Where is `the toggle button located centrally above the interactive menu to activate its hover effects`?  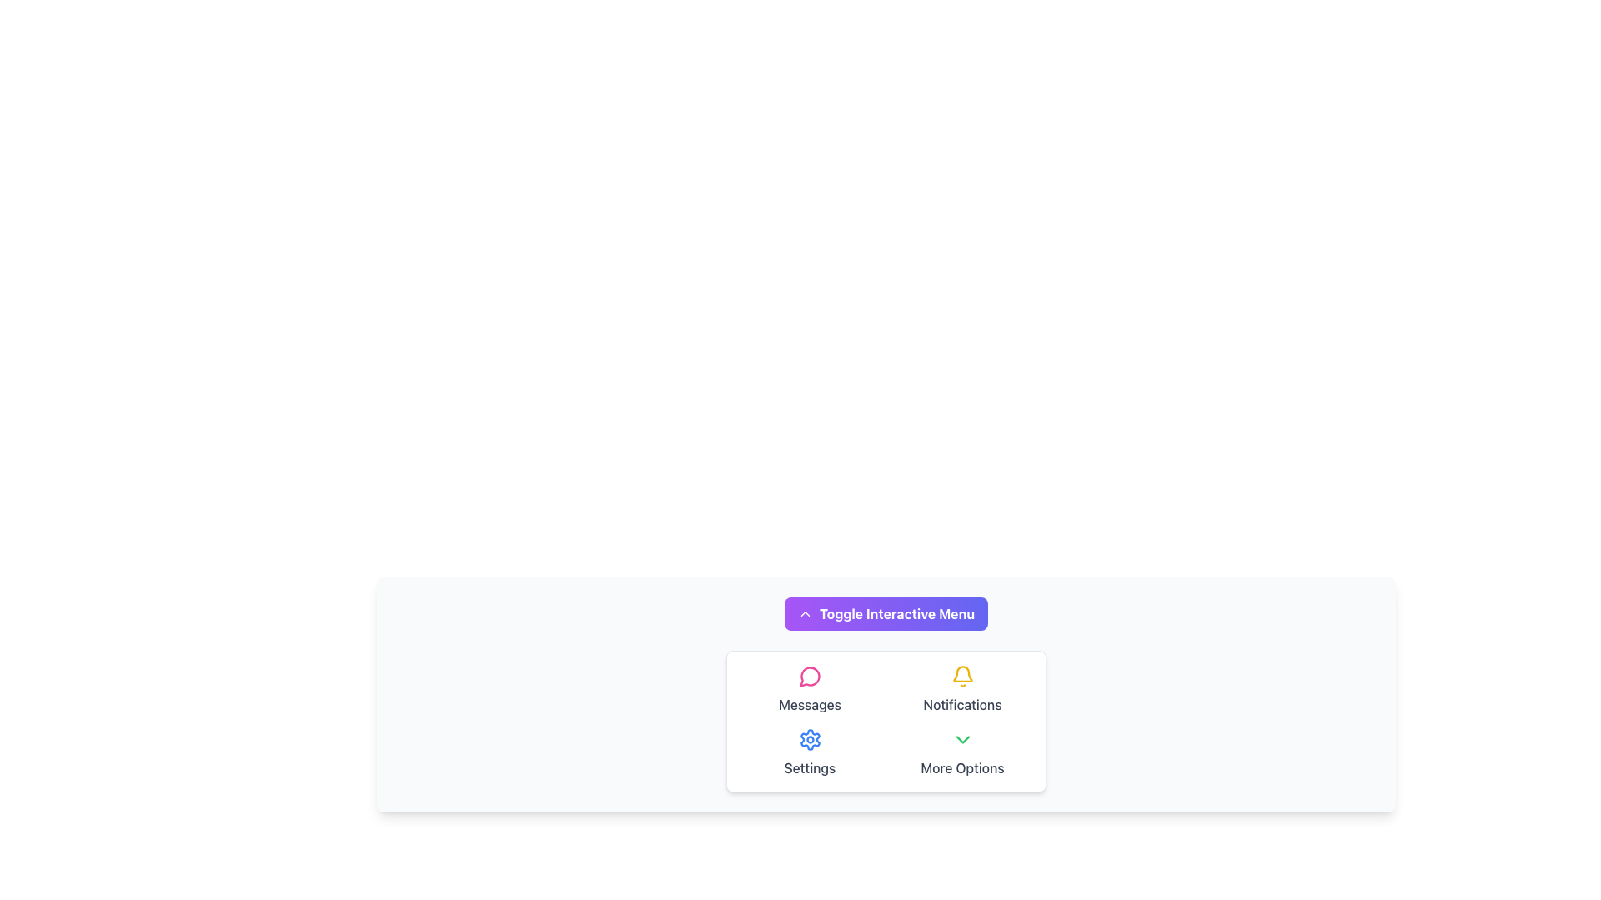 the toggle button located centrally above the interactive menu to activate its hover effects is located at coordinates (885, 613).